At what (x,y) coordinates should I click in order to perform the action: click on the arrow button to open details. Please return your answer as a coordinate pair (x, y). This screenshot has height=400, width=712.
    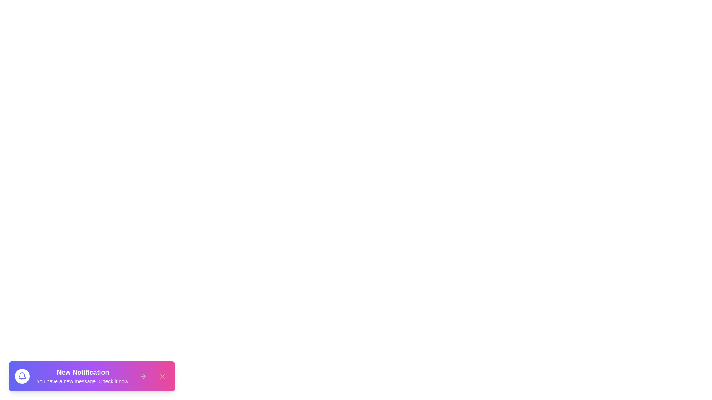
    Looking at the image, I should click on (143, 376).